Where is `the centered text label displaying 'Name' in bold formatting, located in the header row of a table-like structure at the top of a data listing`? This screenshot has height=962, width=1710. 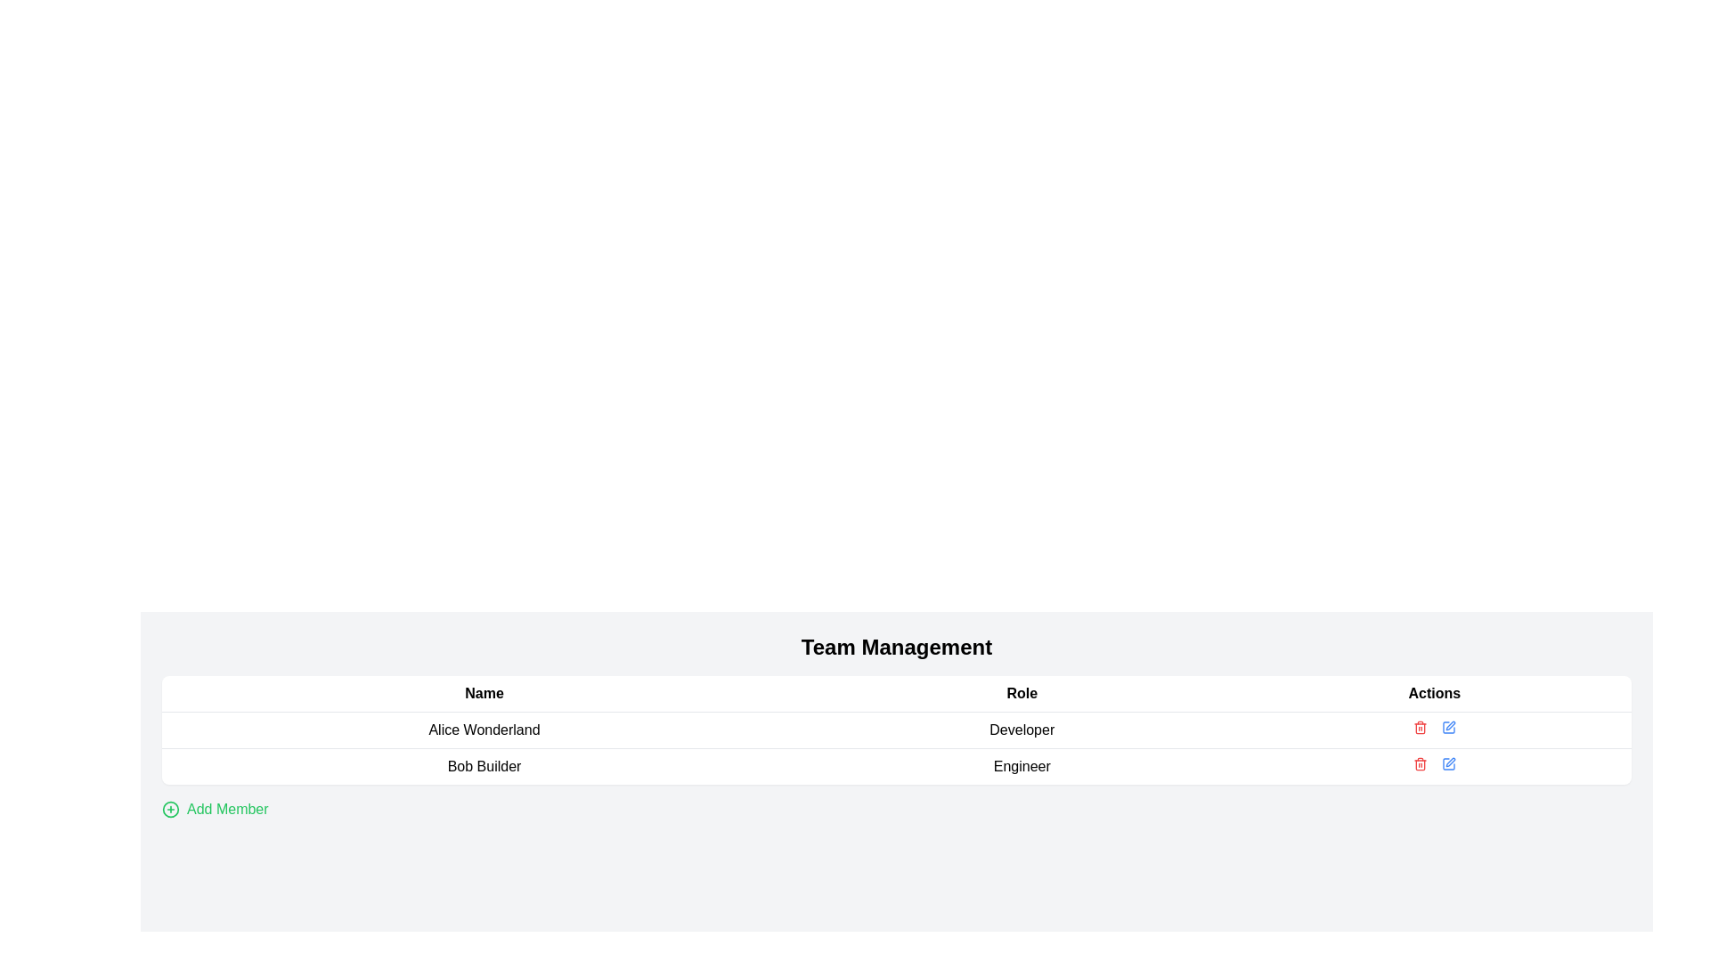 the centered text label displaying 'Name' in bold formatting, located in the header row of a table-like structure at the top of a data listing is located at coordinates (484, 693).